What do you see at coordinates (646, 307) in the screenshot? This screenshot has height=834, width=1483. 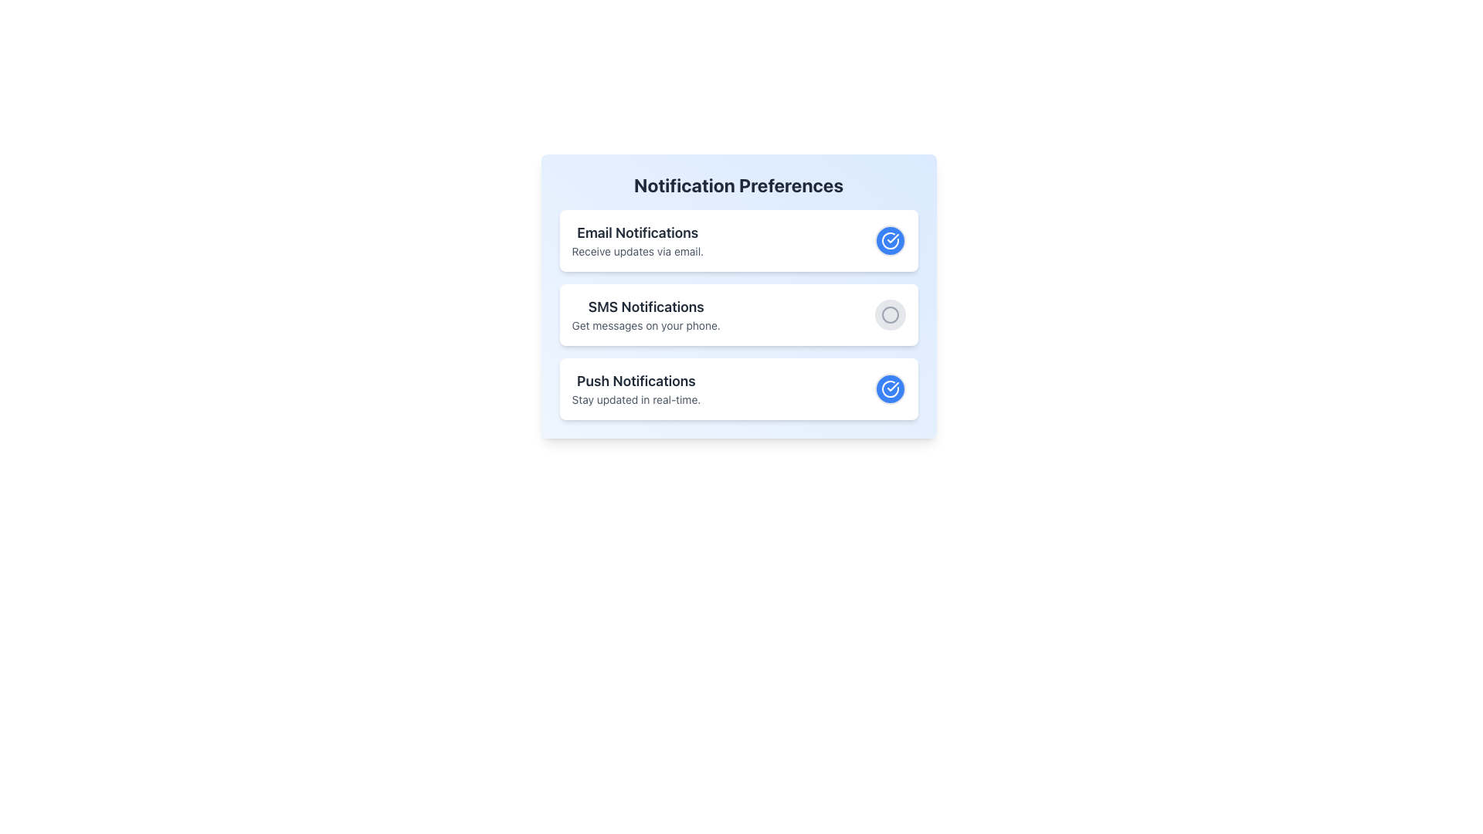 I see `text label displaying 'SMS Notifications', which is prominently positioned above the description 'Get messages on your phone' in the notification preferences section` at bounding box center [646, 307].